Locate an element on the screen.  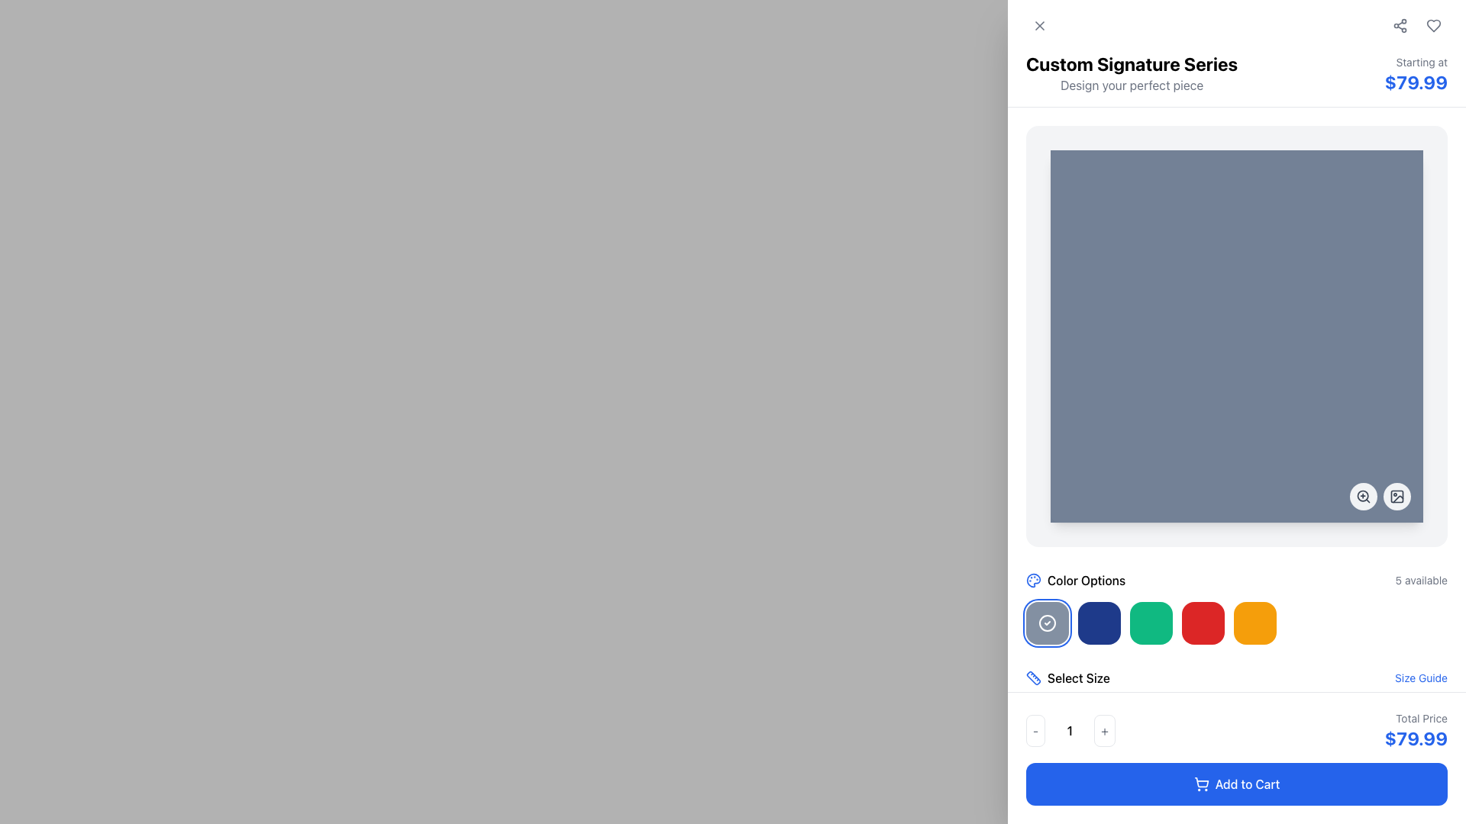
the 'Slate Gray' color selection button, which is a square with rounded corners and a check icon in white, located below the product image is located at coordinates (1047, 623).